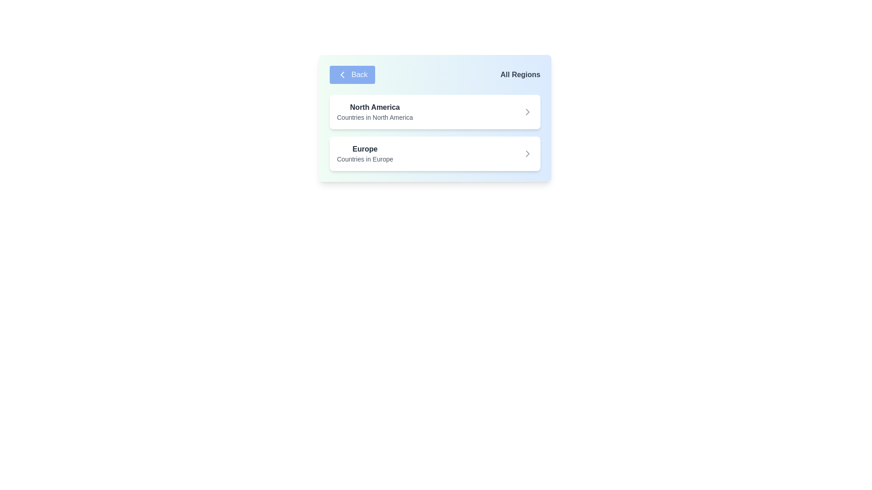  Describe the element at coordinates (375, 107) in the screenshot. I see `bolded text label 'North America' that is prominently displayed in a card-like section of the UI, styled in dark gray color and located at the top of the card` at that location.